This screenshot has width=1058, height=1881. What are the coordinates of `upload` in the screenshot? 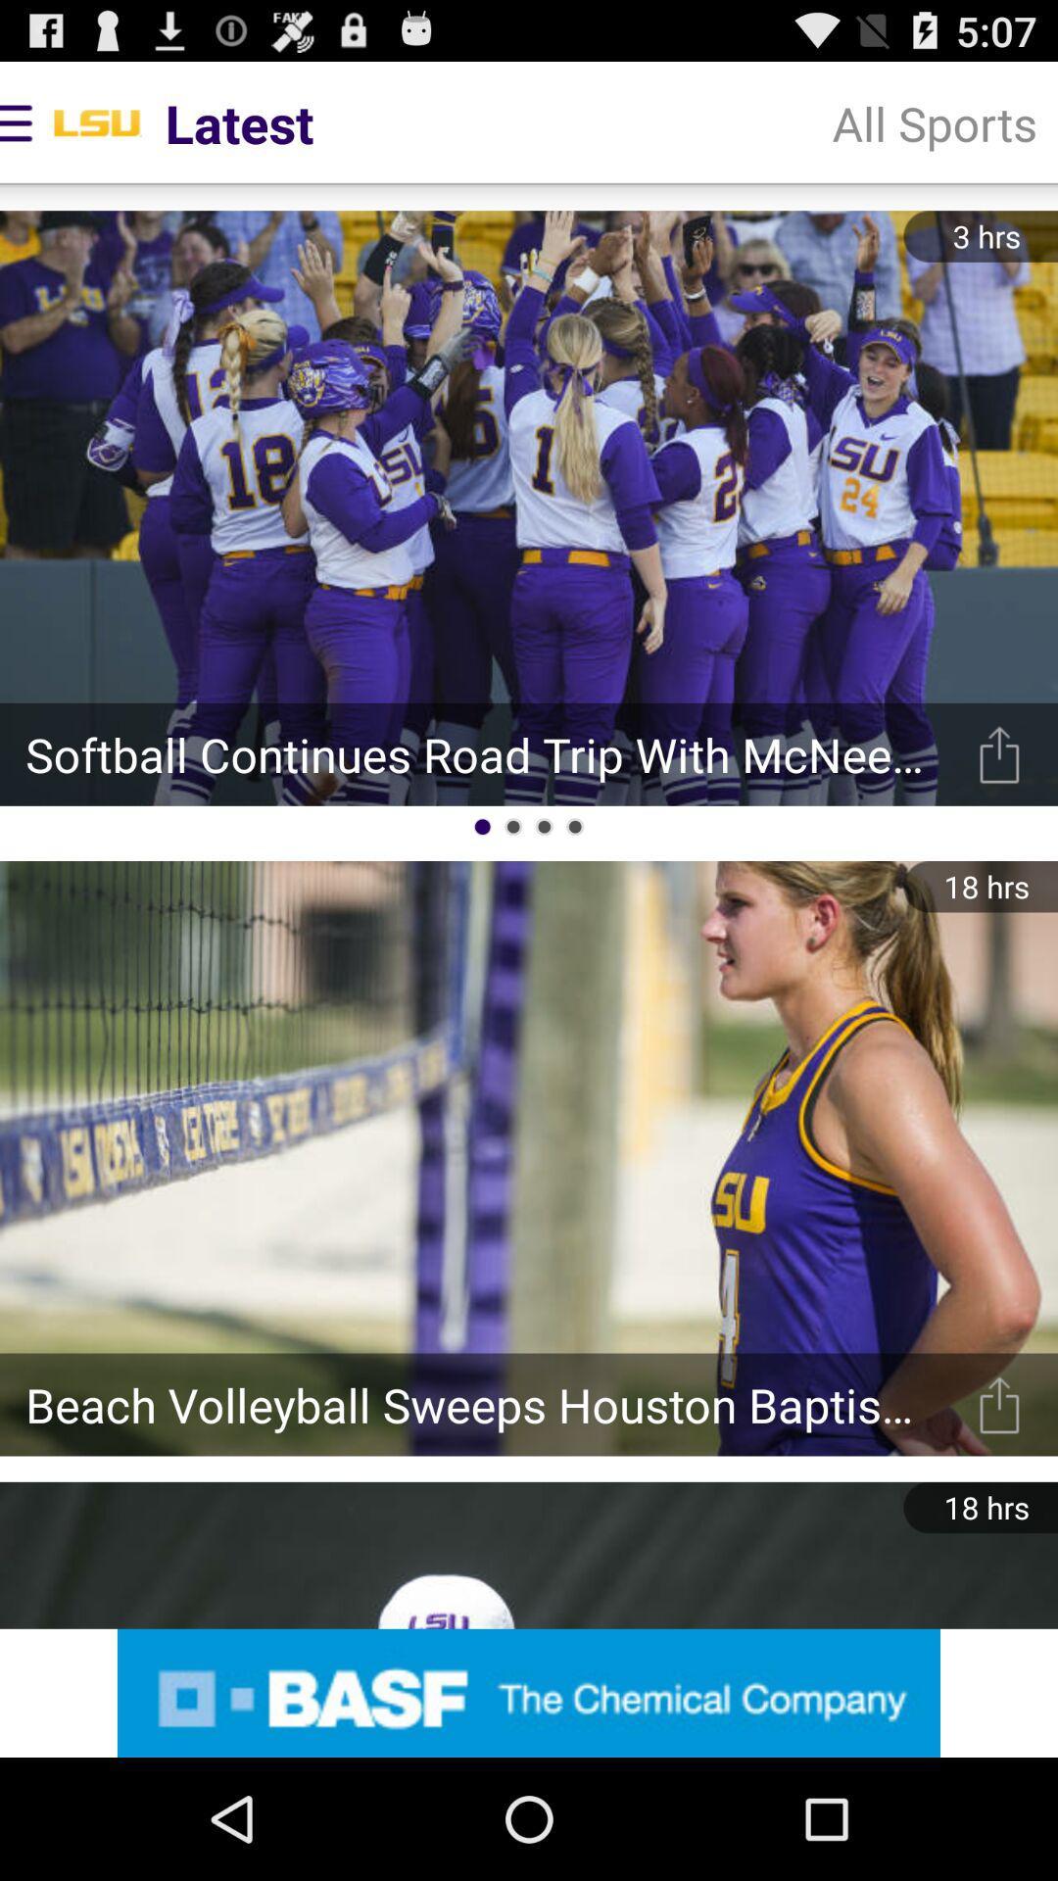 It's located at (999, 1404).